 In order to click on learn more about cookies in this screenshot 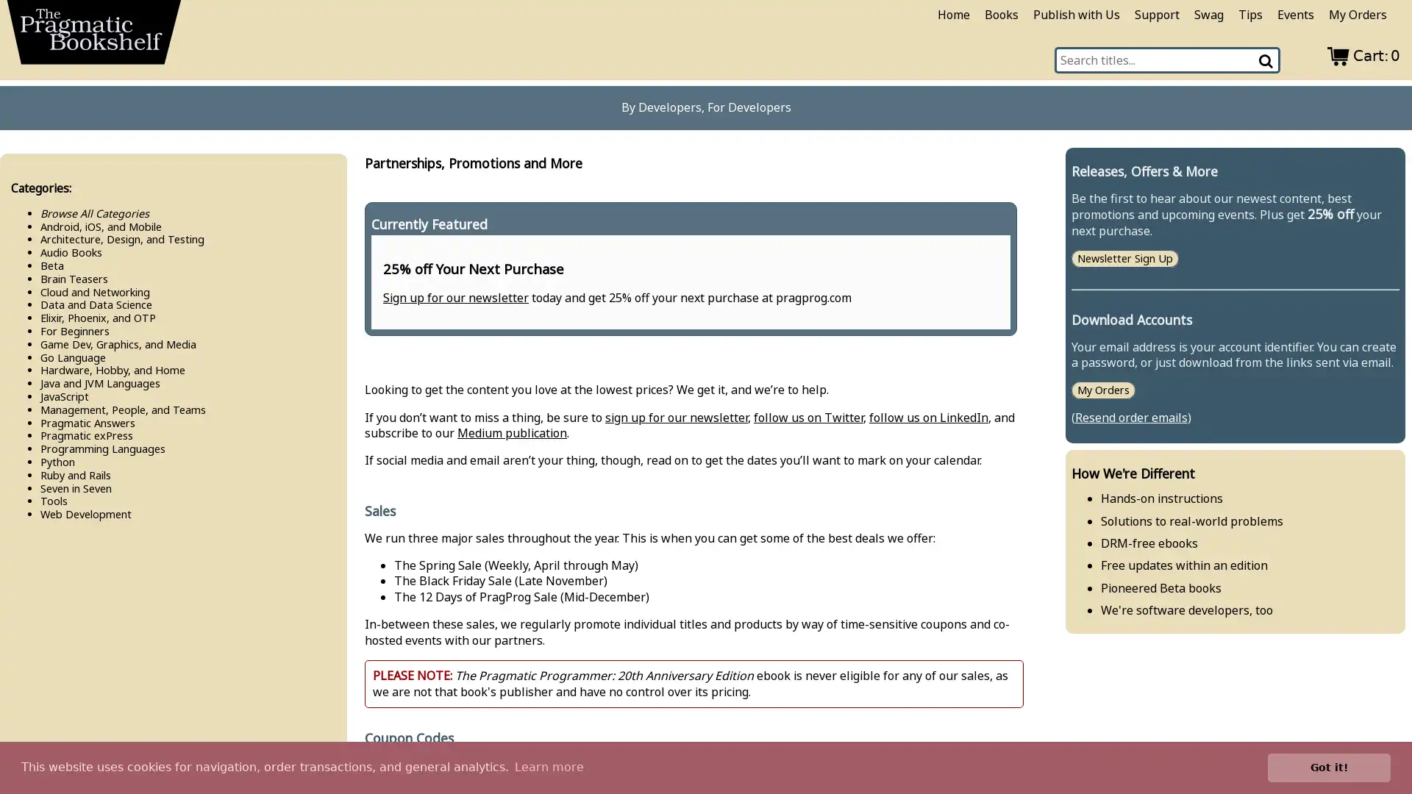, I will do `click(548, 767)`.